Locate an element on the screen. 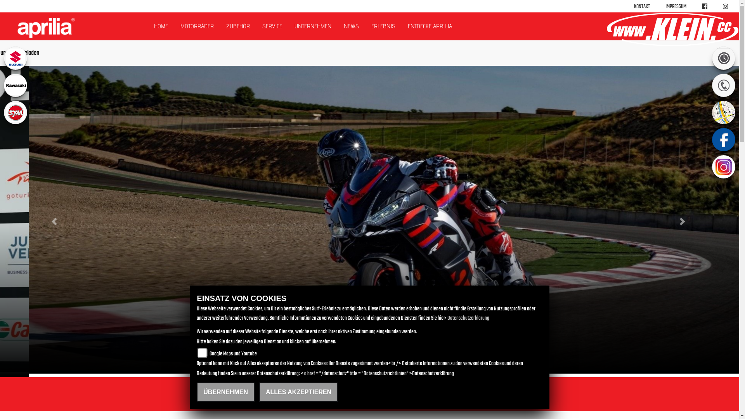 The height and width of the screenshot is (419, 745). 'IMPRESSUM' is located at coordinates (676, 7).